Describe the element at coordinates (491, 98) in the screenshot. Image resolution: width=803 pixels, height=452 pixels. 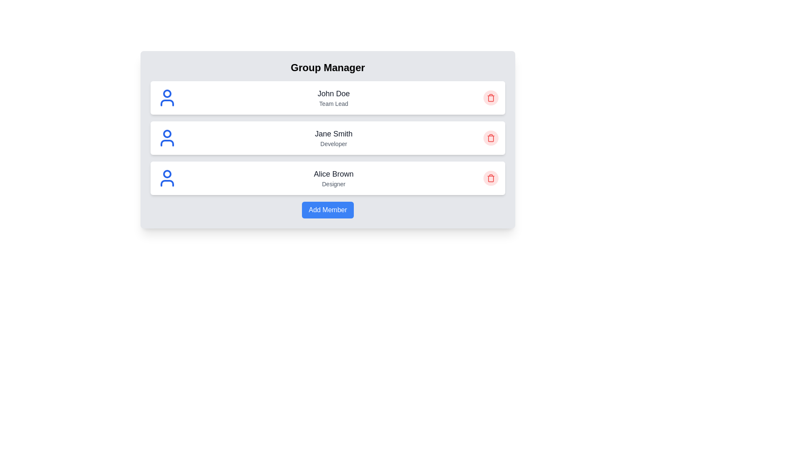
I see `the circular red button with a trash can icon located at the top-right corner of John's Doe information card` at that location.